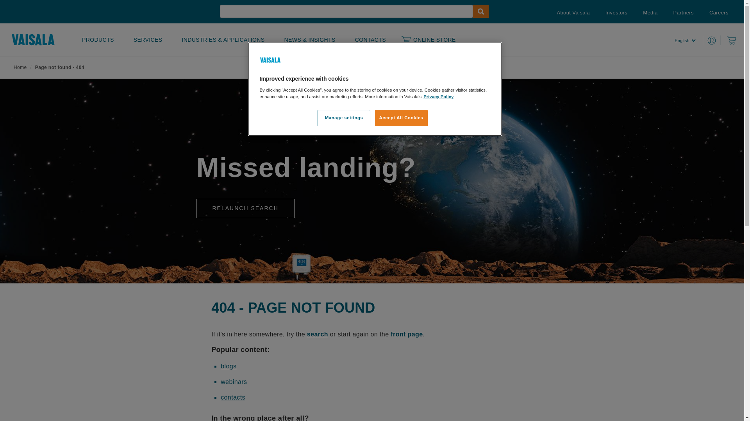  Describe the element at coordinates (719, 13) in the screenshot. I see `'Careers'` at that location.